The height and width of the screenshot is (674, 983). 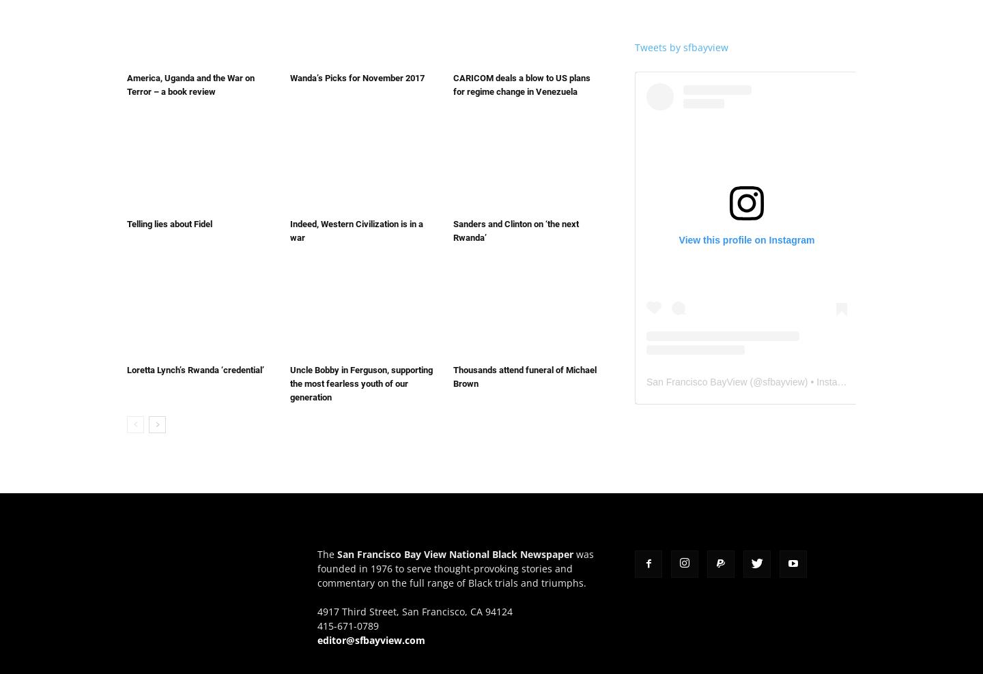 I want to click on ') • Instagram photos and videos', so click(x=871, y=381).